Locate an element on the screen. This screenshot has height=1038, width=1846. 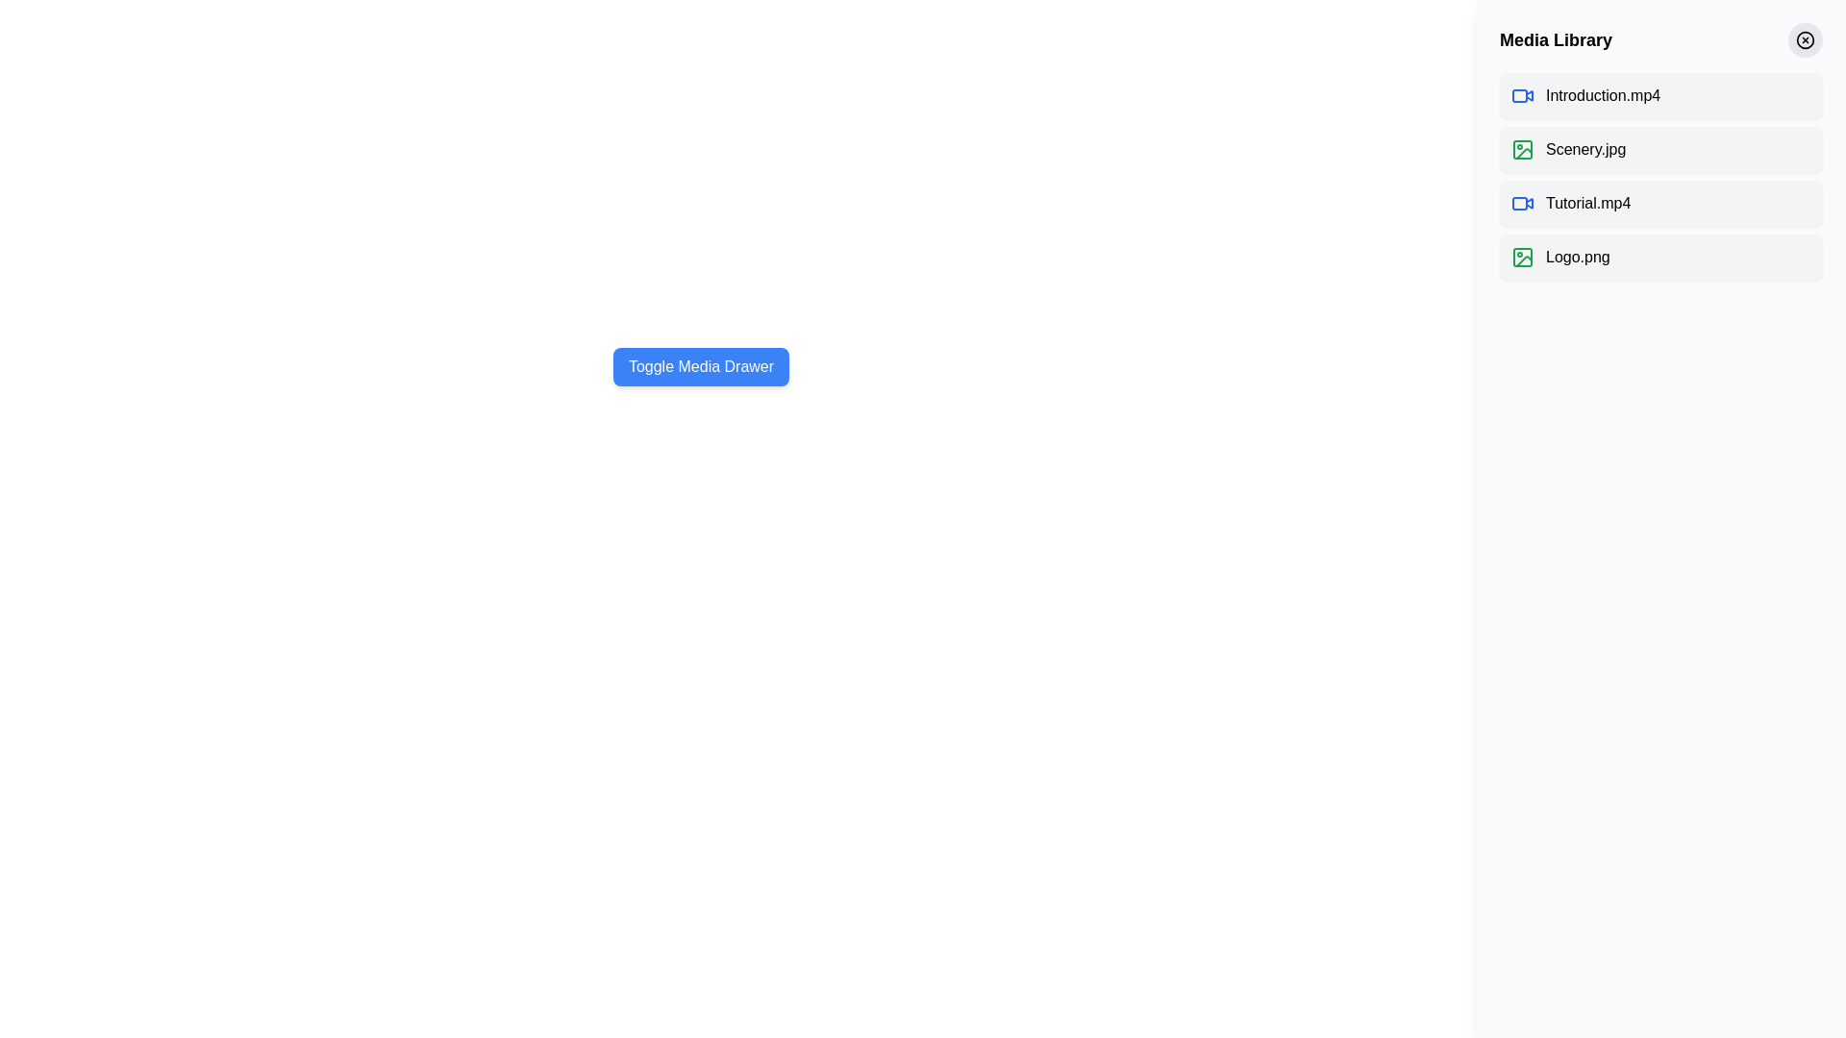
the styling of the green rectangular icon with rounded corners located near the text 'Logo.png' in the media library pane is located at coordinates (1522, 256).